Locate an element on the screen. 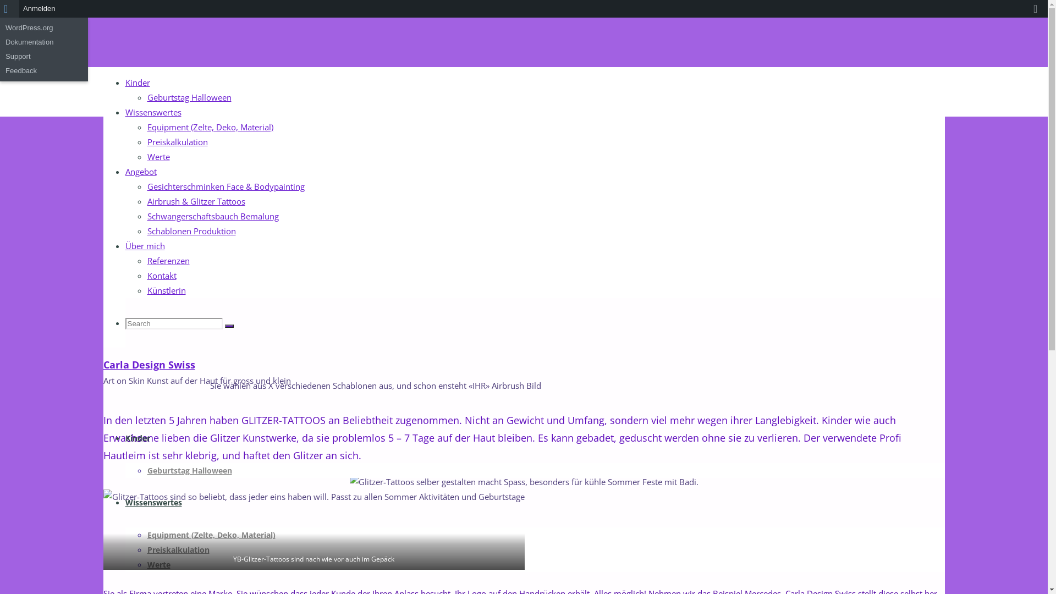 The width and height of the screenshot is (1056, 594). 'Equipment (Zelte, Deko, Material)' is located at coordinates (211, 534).